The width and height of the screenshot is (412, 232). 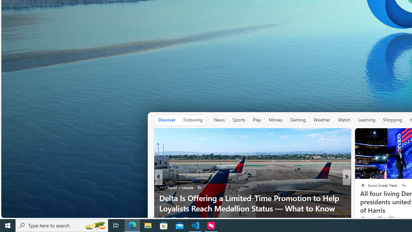 I want to click on 'Learning', so click(x=367, y=120).